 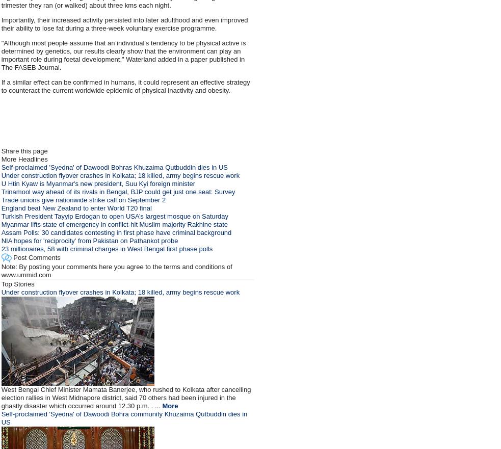 What do you see at coordinates (0, 55) in the screenshot?
I see `'"Although most people assume that an individual's tendency to be physical active is determined by genetics, our results clearly show that the environment can play an important role during foetal development," Waterland added in a paper published in The FASEB Journal.'` at bounding box center [0, 55].